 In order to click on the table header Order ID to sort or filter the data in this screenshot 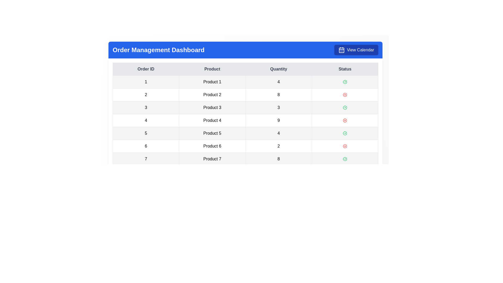, I will do `click(146, 69)`.